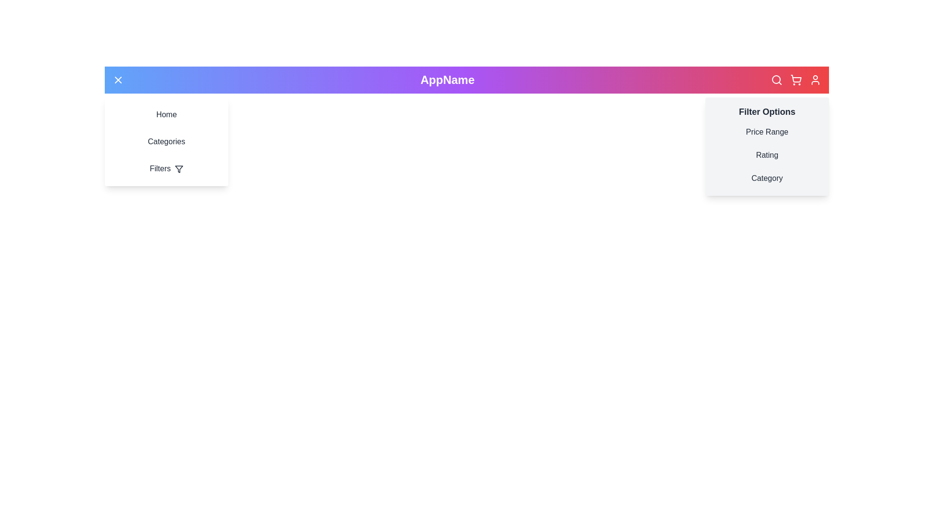 The image size is (927, 521). Describe the element at coordinates (179, 168) in the screenshot. I see `the filter icon located immediately after the text 'Filters' in the dropdown menu` at that location.